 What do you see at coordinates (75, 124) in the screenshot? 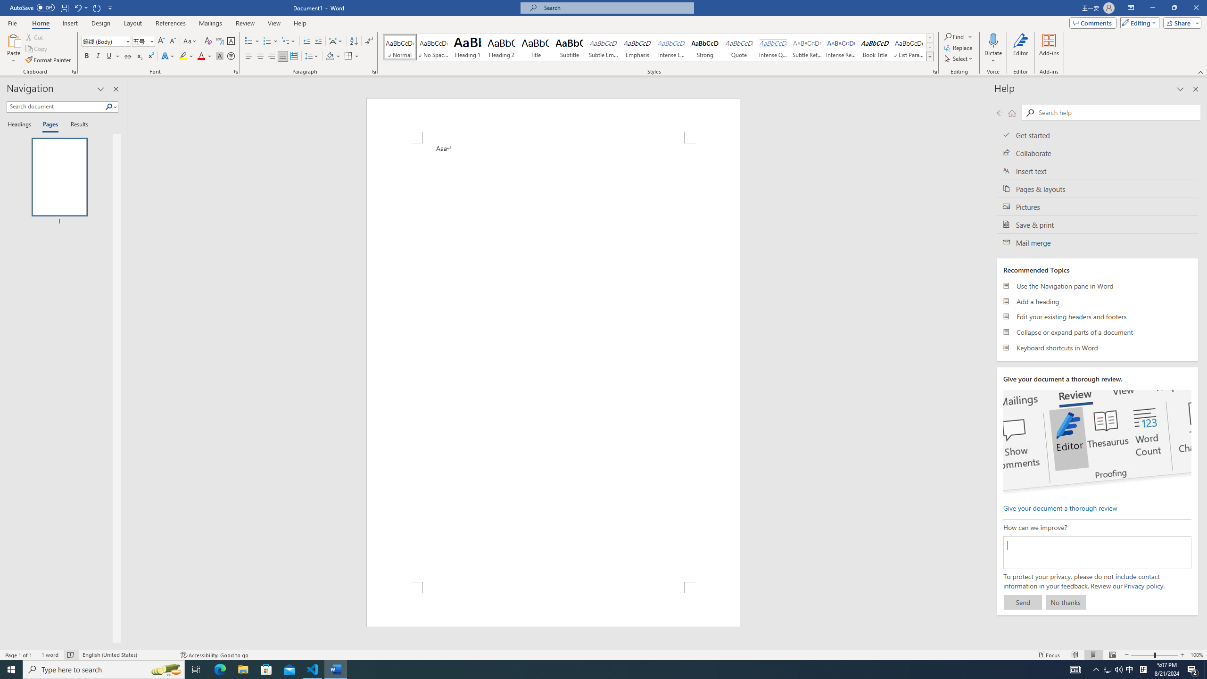
I see `'Results'` at bounding box center [75, 124].